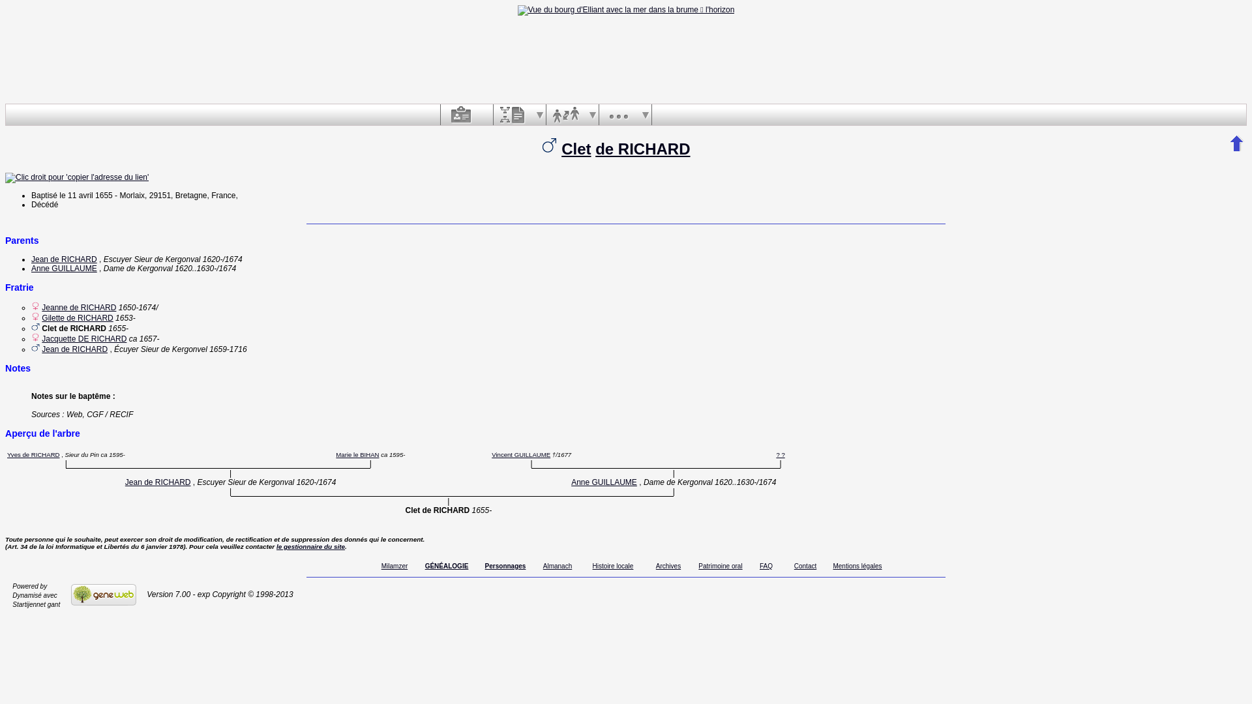  Describe the element at coordinates (394, 565) in the screenshot. I see `'Milamzer'` at that location.